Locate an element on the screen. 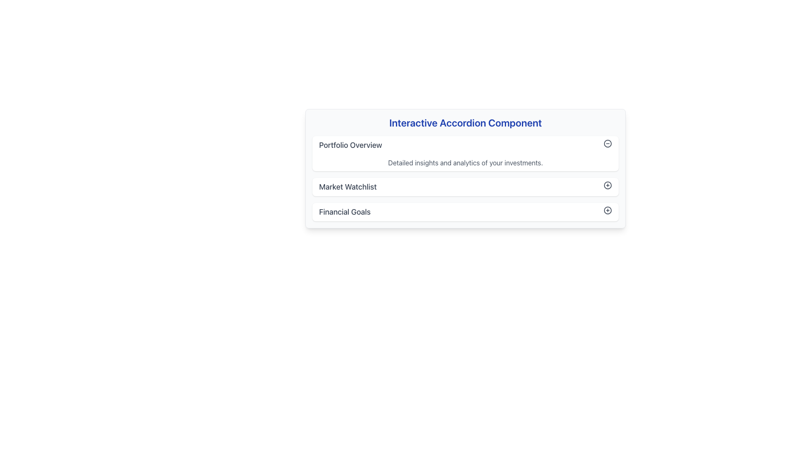  the text label in the second section of the accordion interface, located below 'Portfolio Overview' and above 'Financial Goals', to interact with the accordion component is located at coordinates (348, 186).